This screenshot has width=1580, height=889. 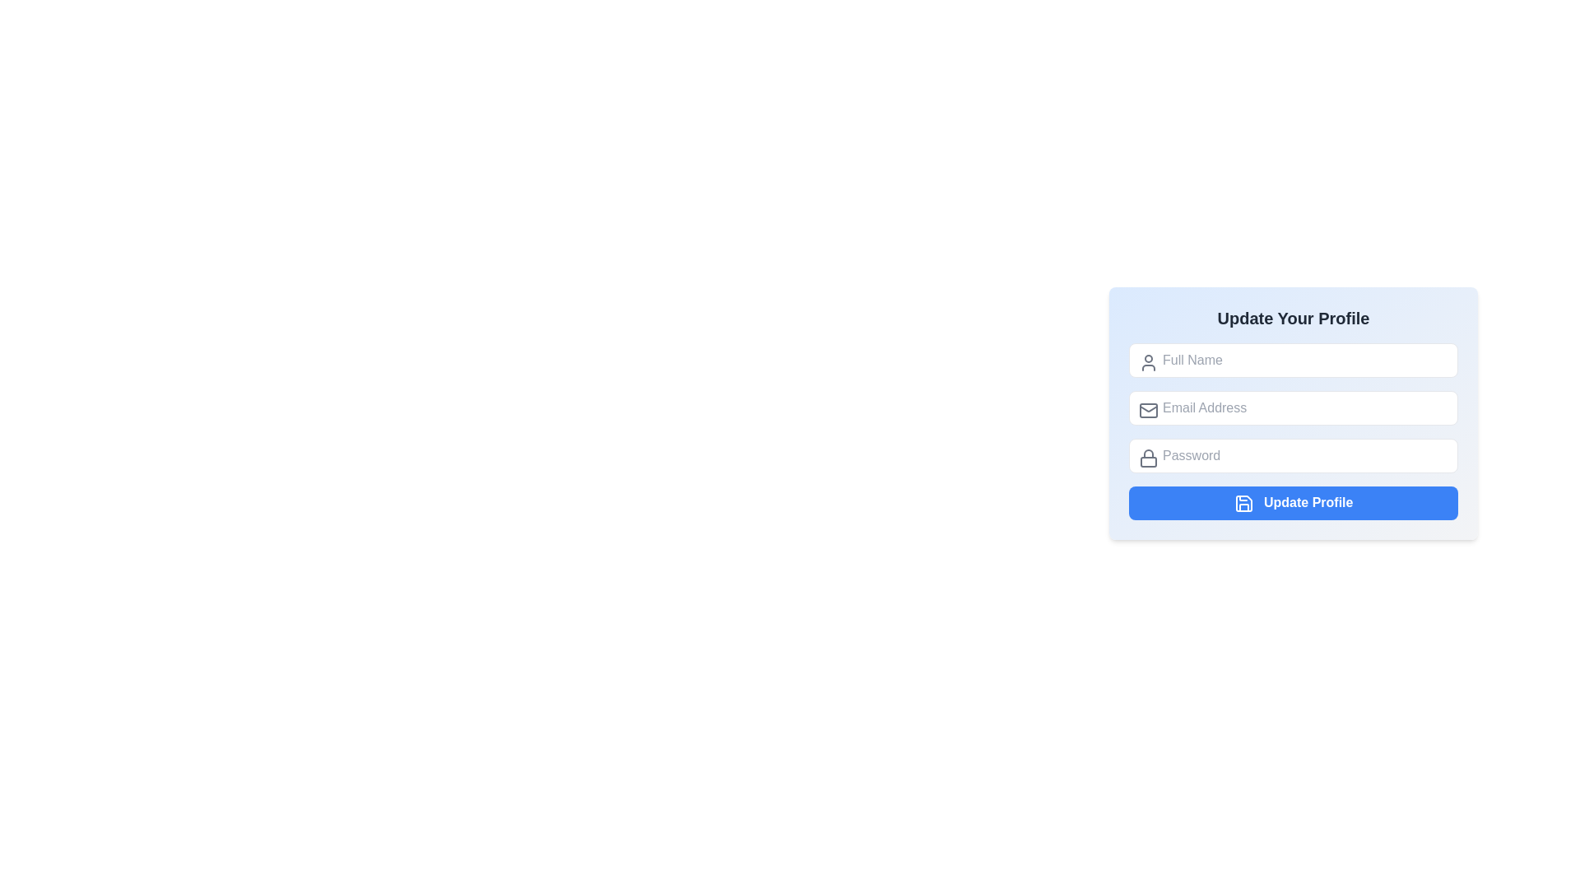 What do you see at coordinates (1148, 361) in the screenshot?
I see `the user silhouette icon with a gray outline located on the leftmost side of the 'Full Name' text input field` at bounding box center [1148, 361].